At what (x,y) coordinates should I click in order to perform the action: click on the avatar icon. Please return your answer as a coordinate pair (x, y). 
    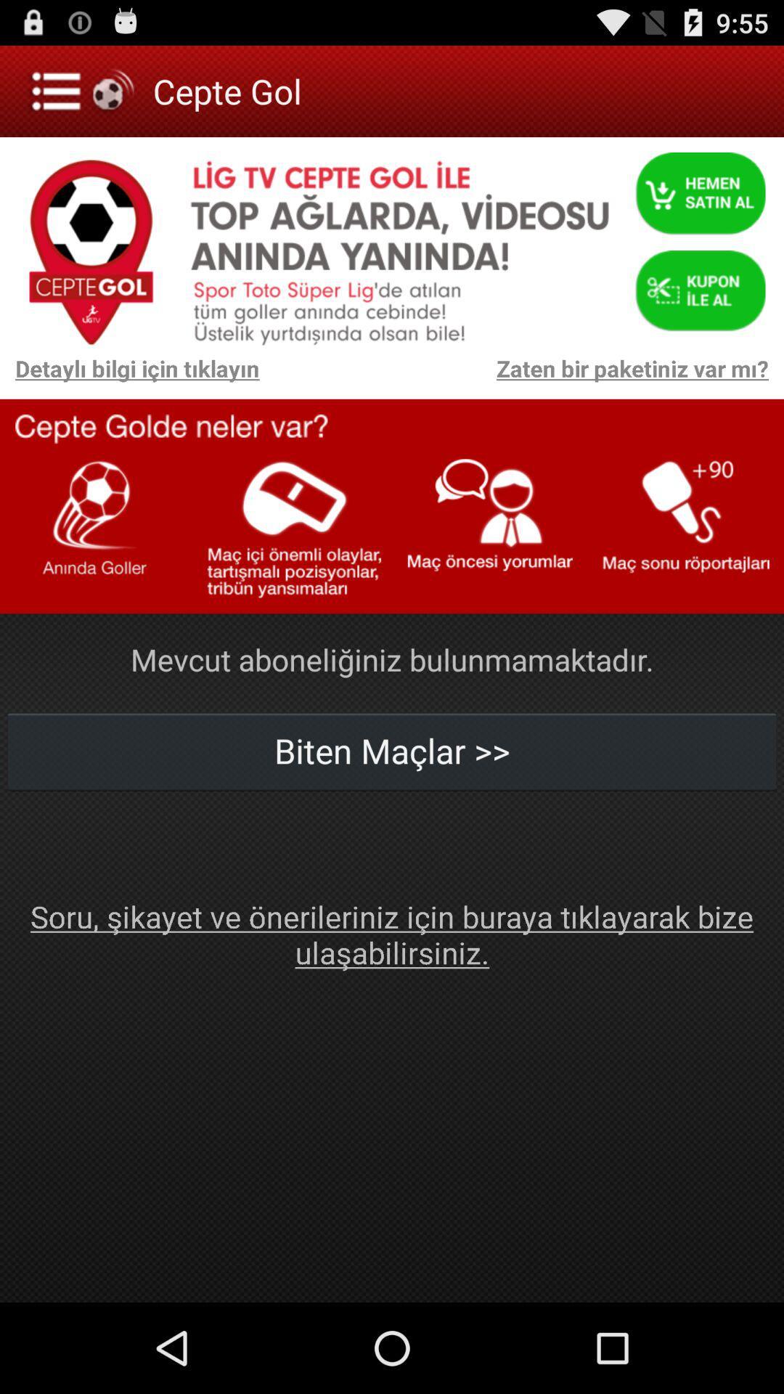
    Looking at the image, I should click on (699, 198).